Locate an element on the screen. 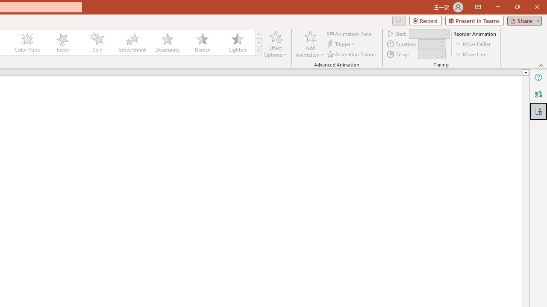 This screenshot has height=307, width=547. 'Desaturate' is located at coordinates (167, 43).